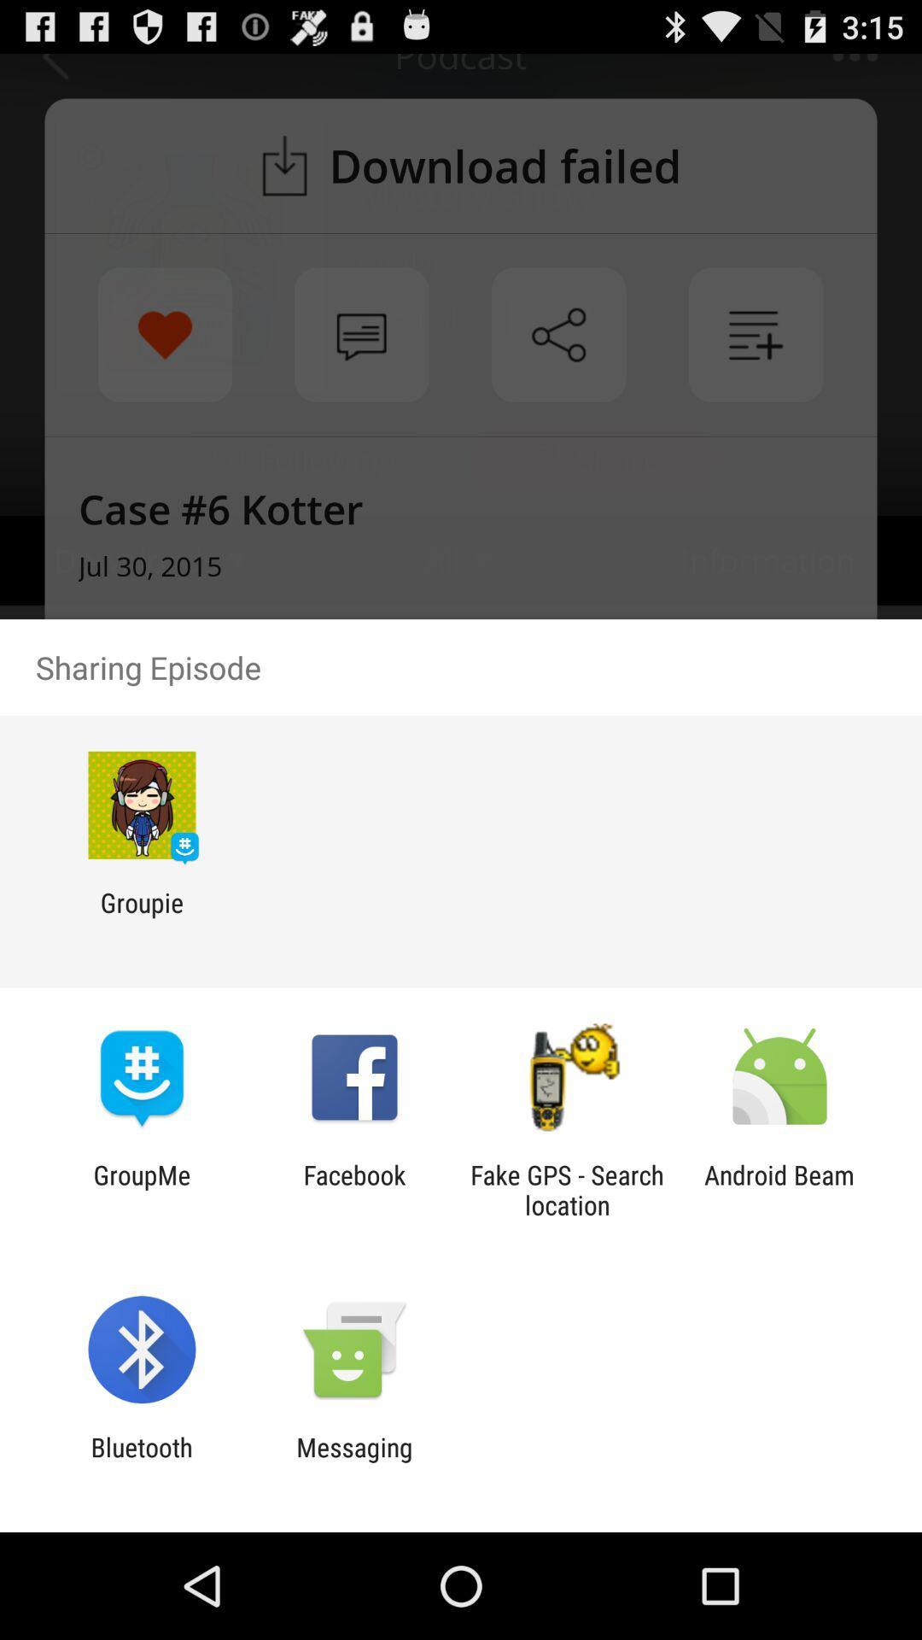 The image size is (922, 1640). What do you see at coordinates (779, 1189) in the screenshot?
I see `the item next to fake gps search` at bounding box center [779, 1189].